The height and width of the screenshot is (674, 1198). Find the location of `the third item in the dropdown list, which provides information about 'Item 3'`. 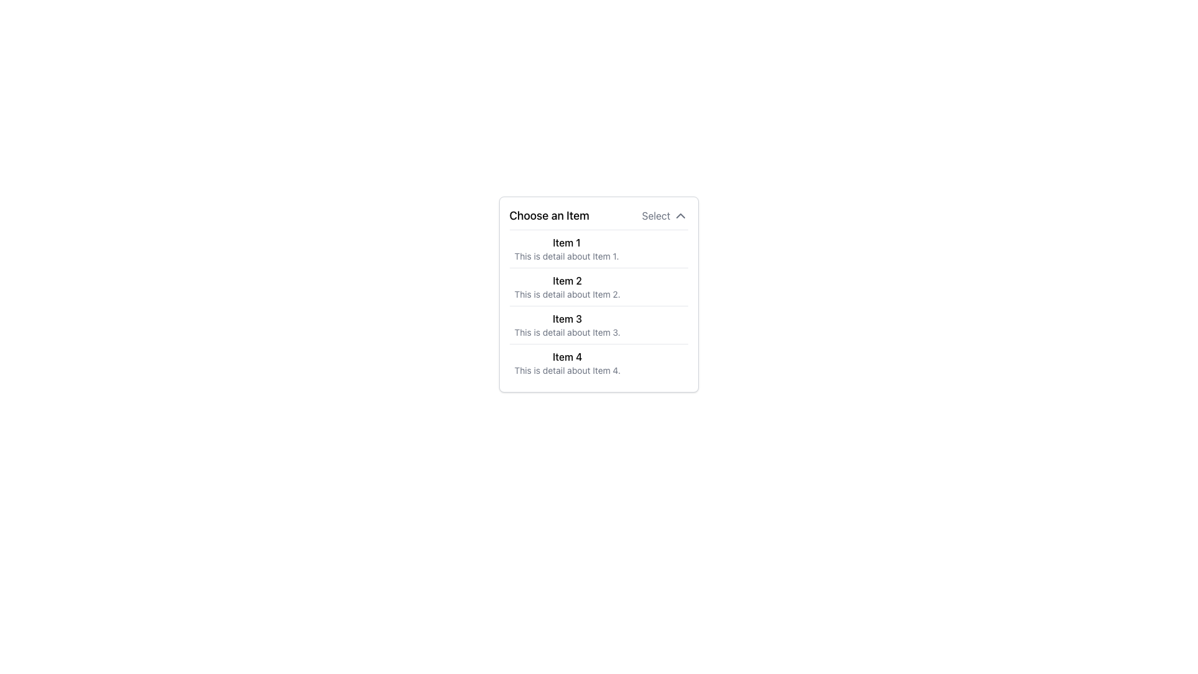

the third item in the dropdown list, which provides information about 'Item 3' is located at coordinates (598, 324).